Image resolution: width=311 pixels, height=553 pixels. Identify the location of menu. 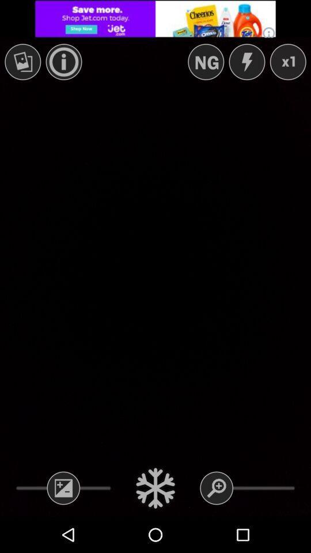
(155, 487).